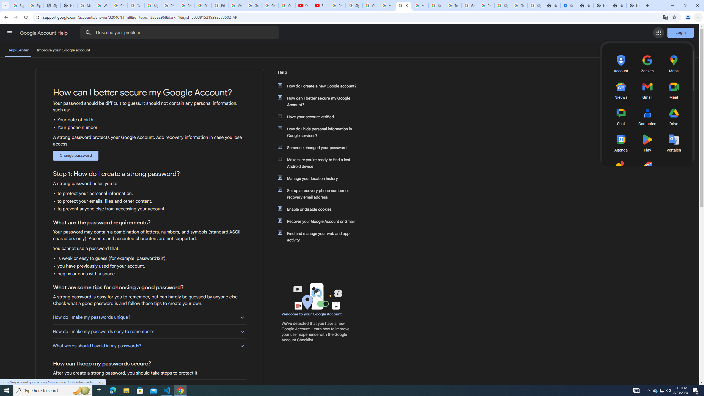  Describe the element at coordinates (186, 5) in the screenshot. I see `'Create your Google Account'` at that location.